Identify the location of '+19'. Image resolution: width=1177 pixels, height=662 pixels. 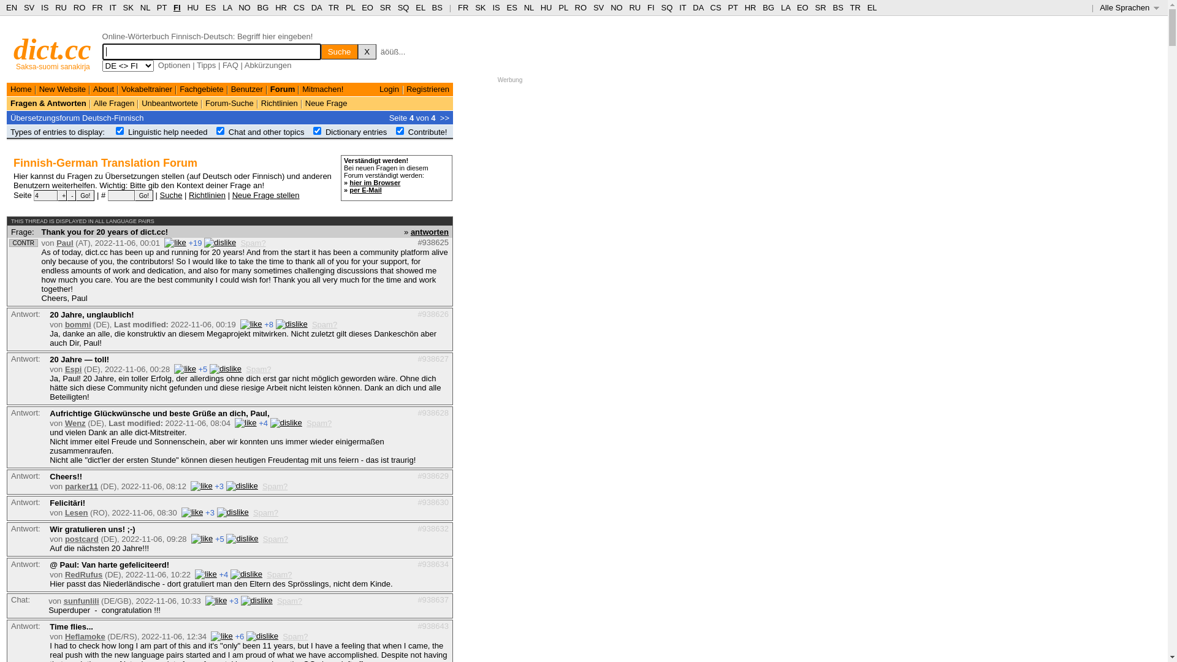
(188, 243).